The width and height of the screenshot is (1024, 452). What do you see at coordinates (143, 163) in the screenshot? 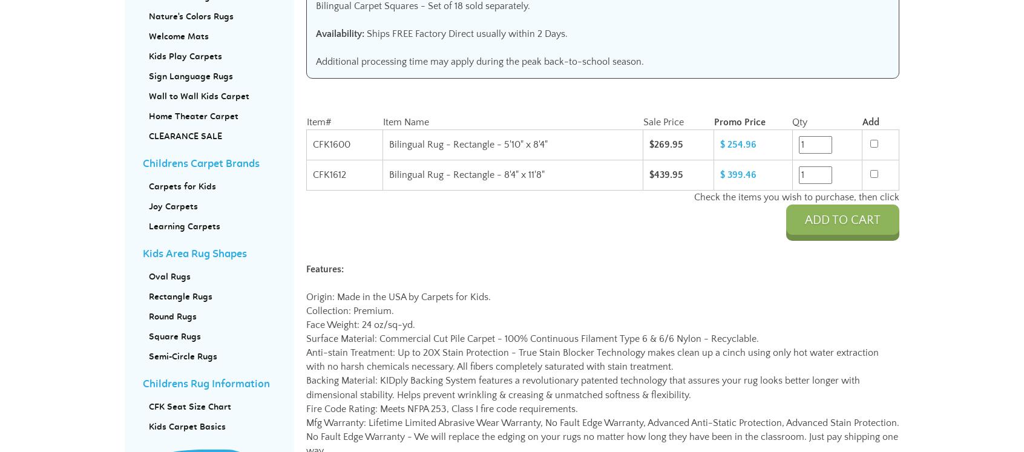
I see `'Childrens Carpet Brands'` at bounding box center [143, 163].